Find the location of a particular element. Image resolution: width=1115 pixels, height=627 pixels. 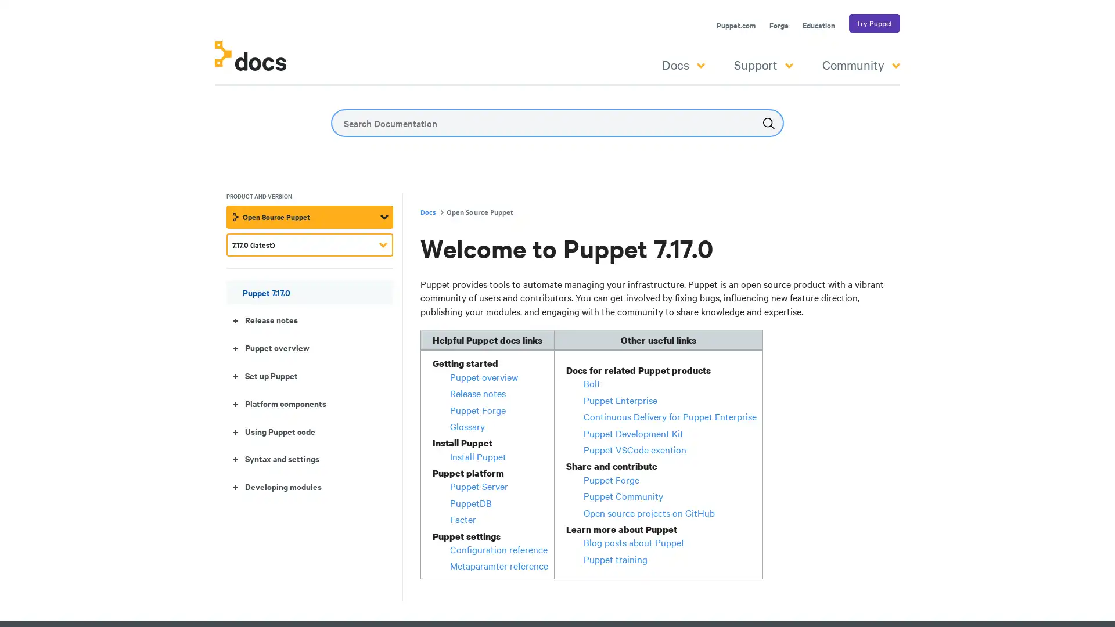

Open Source Puppet is located at coordinates (310, 217).